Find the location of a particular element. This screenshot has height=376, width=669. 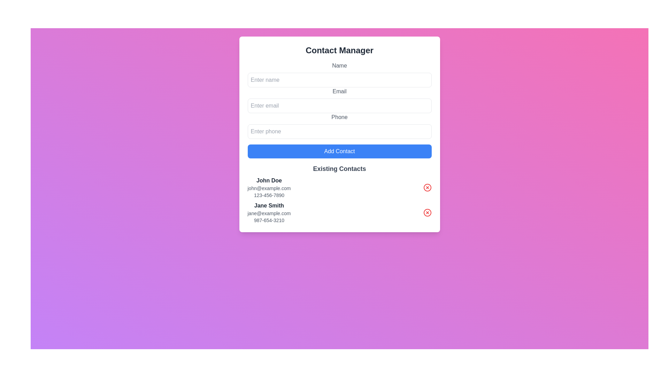

the static text display showing the email address for the contact 'Jane Smith', located below the name and above the phone number in the 'Existing Contacts' section is located at coordinates (269, 213).